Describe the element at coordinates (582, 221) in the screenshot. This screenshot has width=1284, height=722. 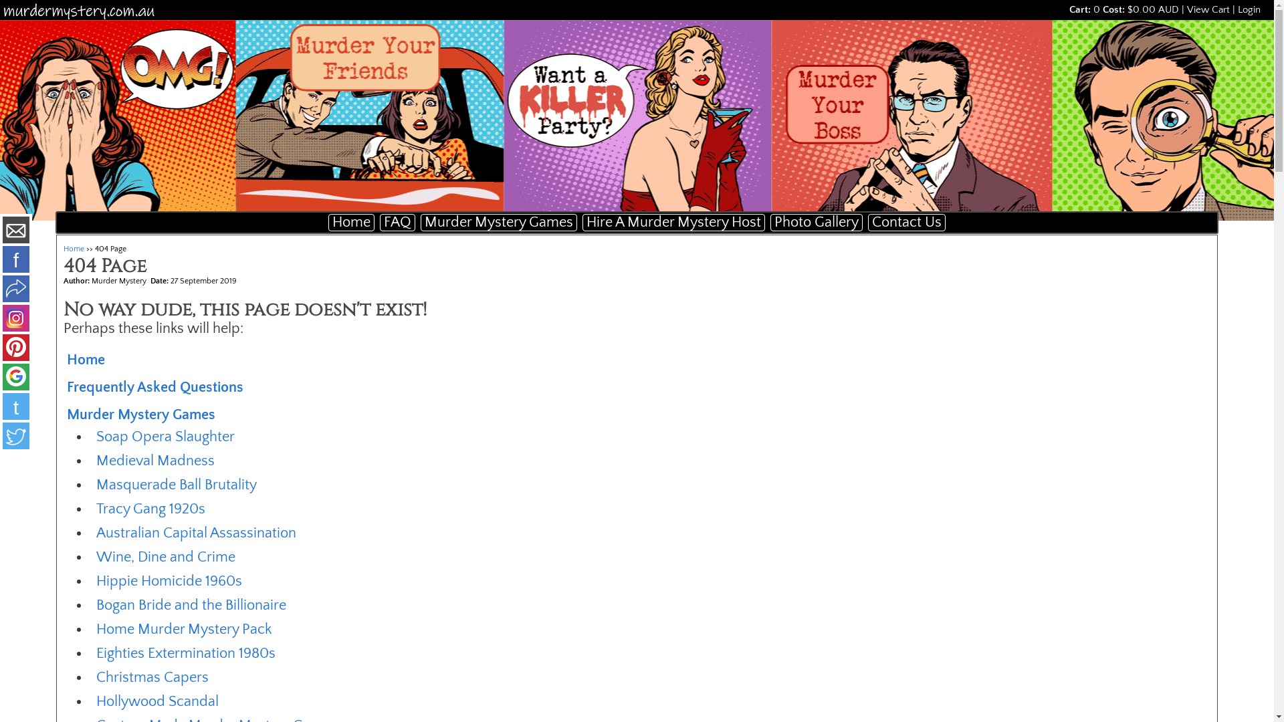
I see `'Hire A Murder Mystery Host'` at that location.